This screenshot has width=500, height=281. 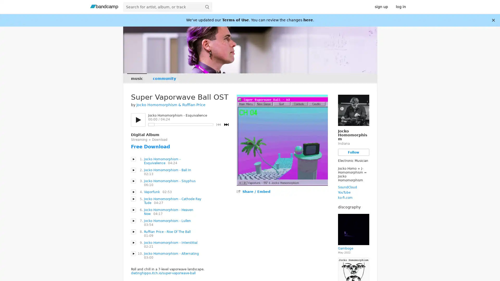 What do you see at coordinates (145, 134) in the screenshot?
I see `Digital Album` at bounding box center [145, 134].